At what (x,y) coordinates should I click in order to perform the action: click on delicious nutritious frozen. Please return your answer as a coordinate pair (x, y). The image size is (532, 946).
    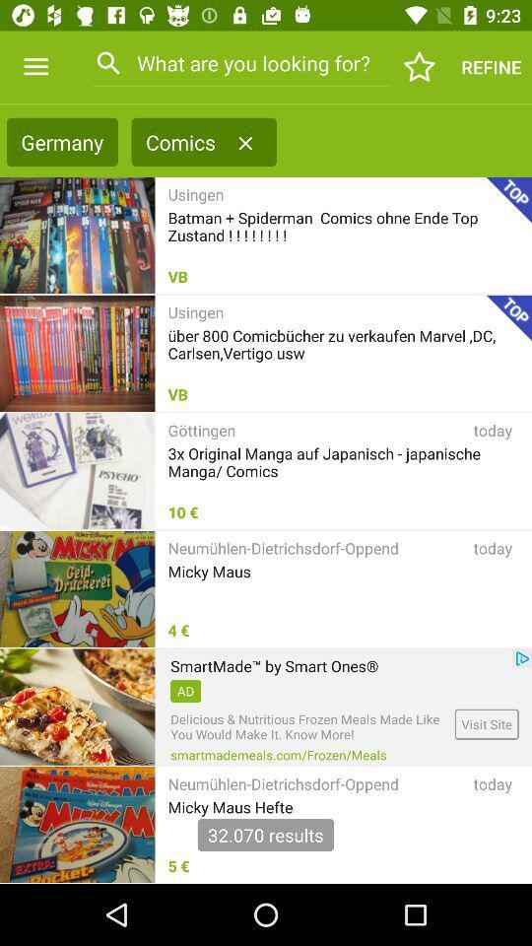
    Looking at the image, I should click on (309, 725).